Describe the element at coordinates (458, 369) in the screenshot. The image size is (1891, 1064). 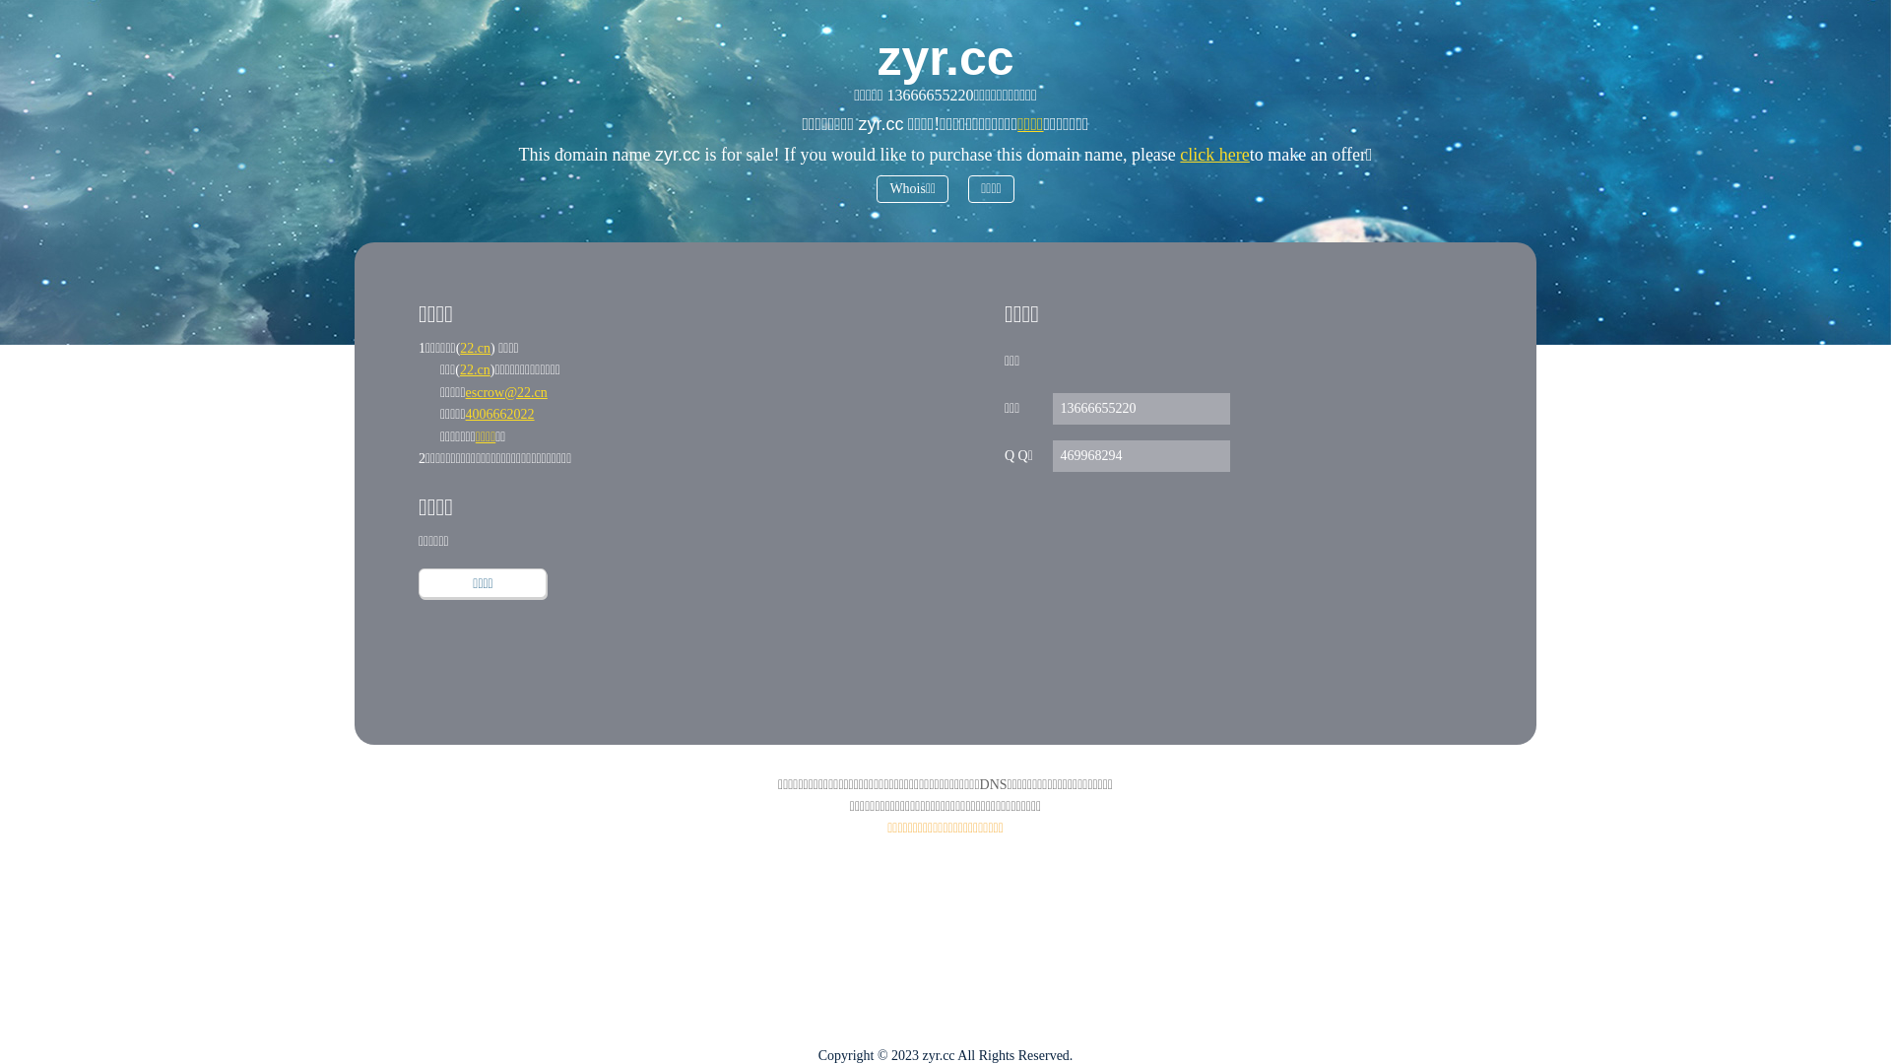
I see `'22.cn'` at that location.